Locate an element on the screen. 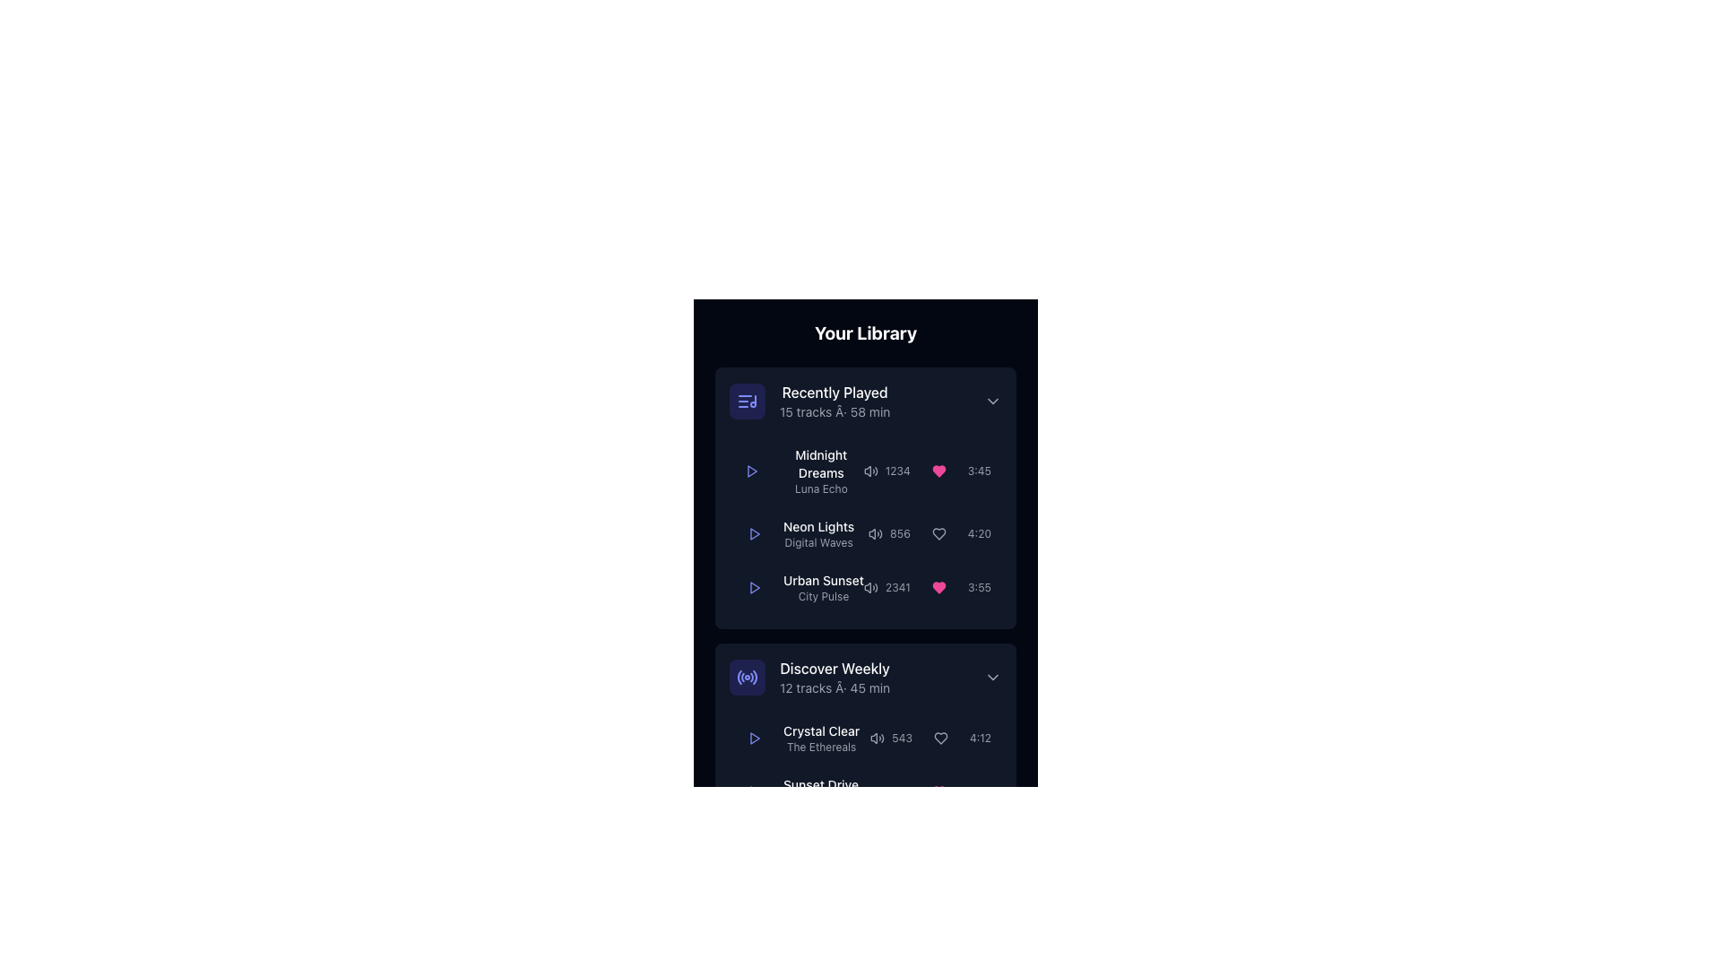 The image size is (1721, 968). the Label displaying the text '543' in a small gray font, located in the third column of the 'Discover Weekly' section, adjacent to a volume icon and a heart icon is located at coordinates (902, 739).